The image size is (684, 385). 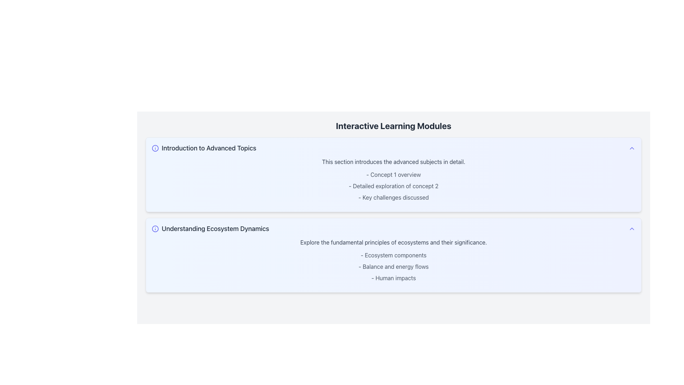 What do you see at coordinates (393, 162) in the screenshot?
I see `the text element that reads 'This section introduces the advanced subjects in detail.', which serves as a descriptive header for the section on 'Introduction to Advanced Topics'` at bounding box center [393, 162].